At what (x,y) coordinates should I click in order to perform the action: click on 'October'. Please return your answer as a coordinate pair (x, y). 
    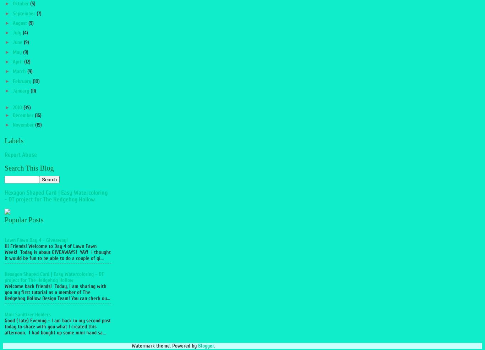
    Looking at the image, I should click on (21, 3).